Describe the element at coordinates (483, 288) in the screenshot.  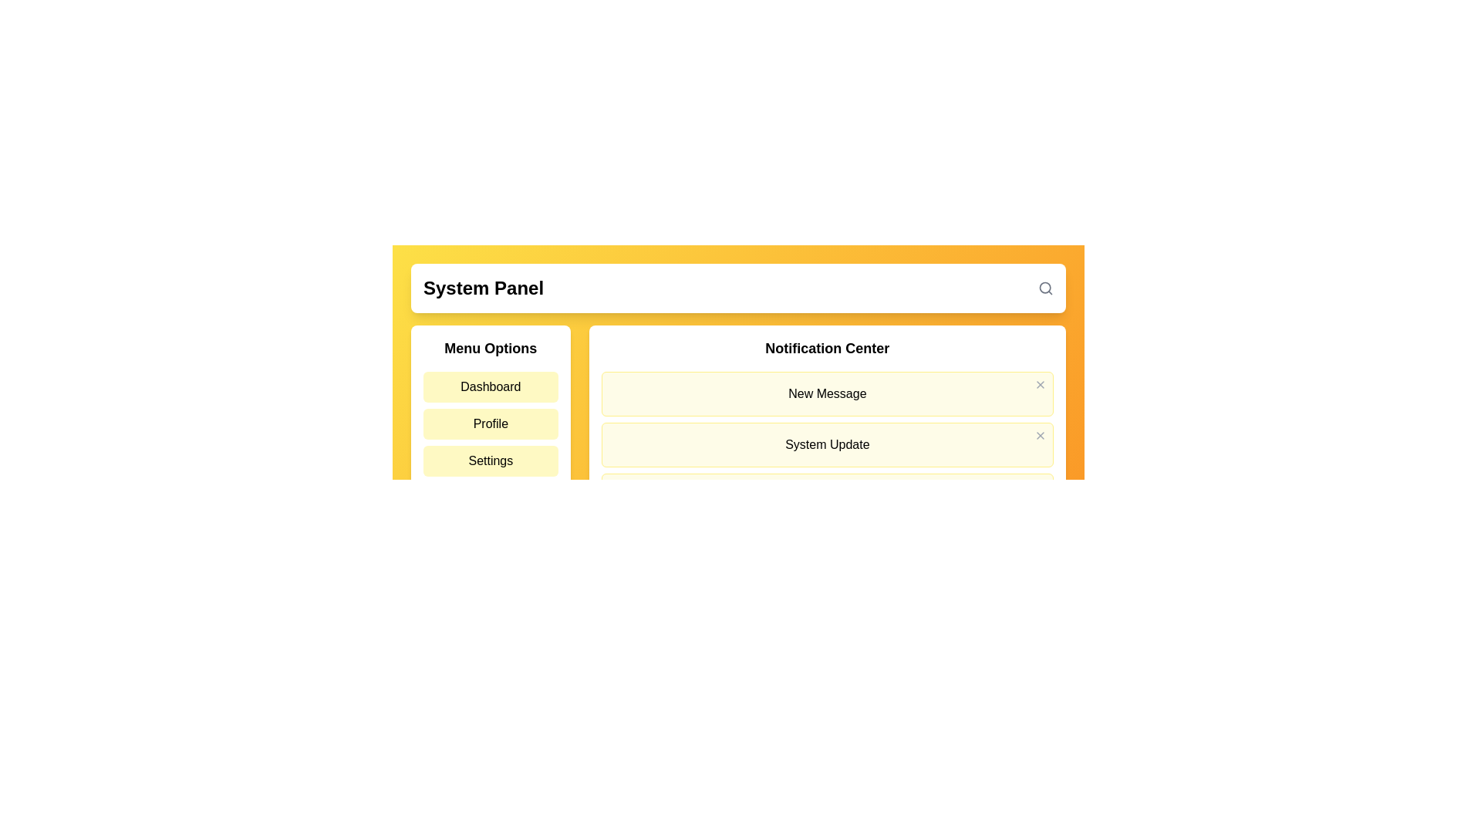
I see `the 'System Panel' text label, which is a bold and larger title on a white background, located at the top left of the interface` at that location.